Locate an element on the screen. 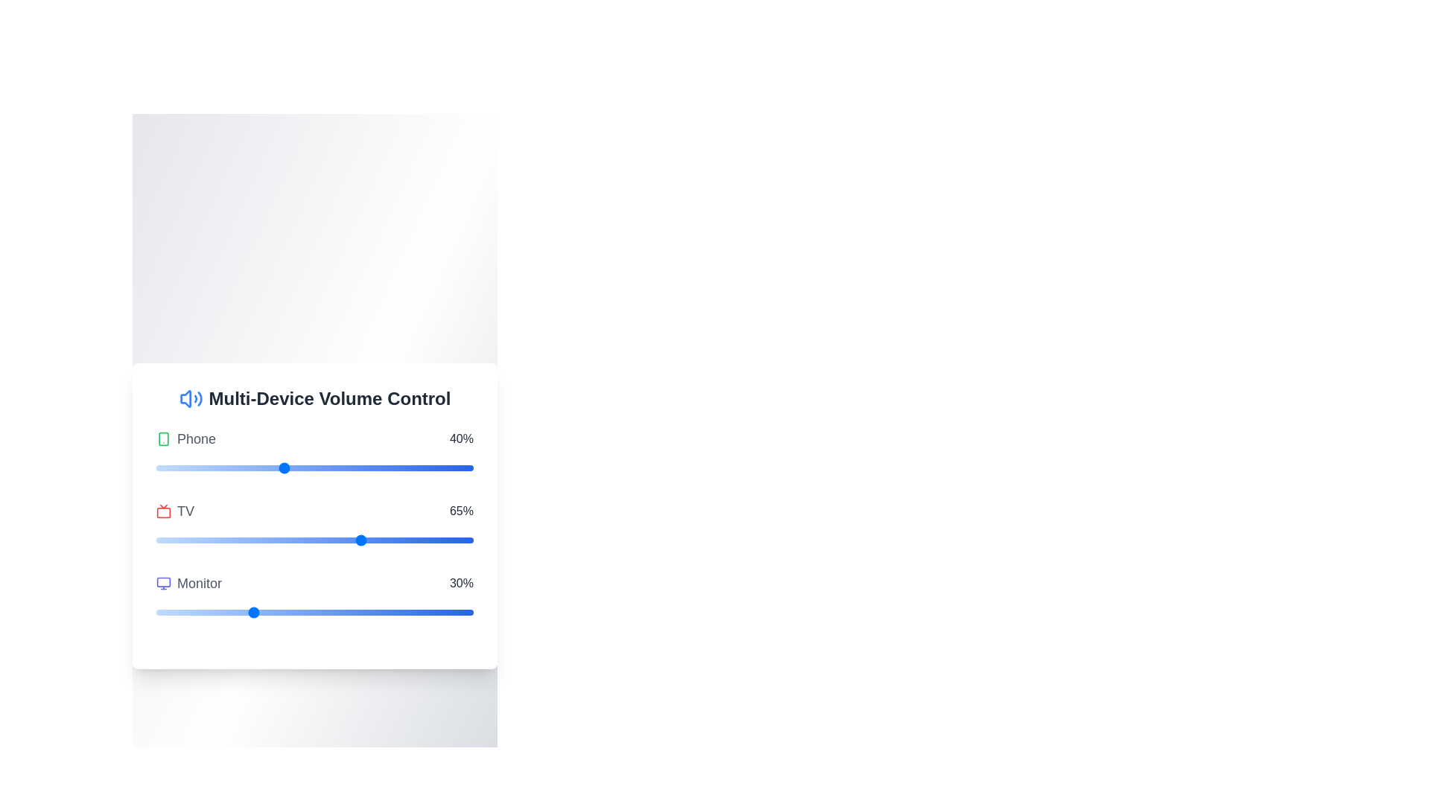 The width and height of the screenshot is (1430, 804). header text that identifies the section for managing volume levels across multiple devices, located at the top of a white, rounded-corner card is located at coordinates (314, 398).